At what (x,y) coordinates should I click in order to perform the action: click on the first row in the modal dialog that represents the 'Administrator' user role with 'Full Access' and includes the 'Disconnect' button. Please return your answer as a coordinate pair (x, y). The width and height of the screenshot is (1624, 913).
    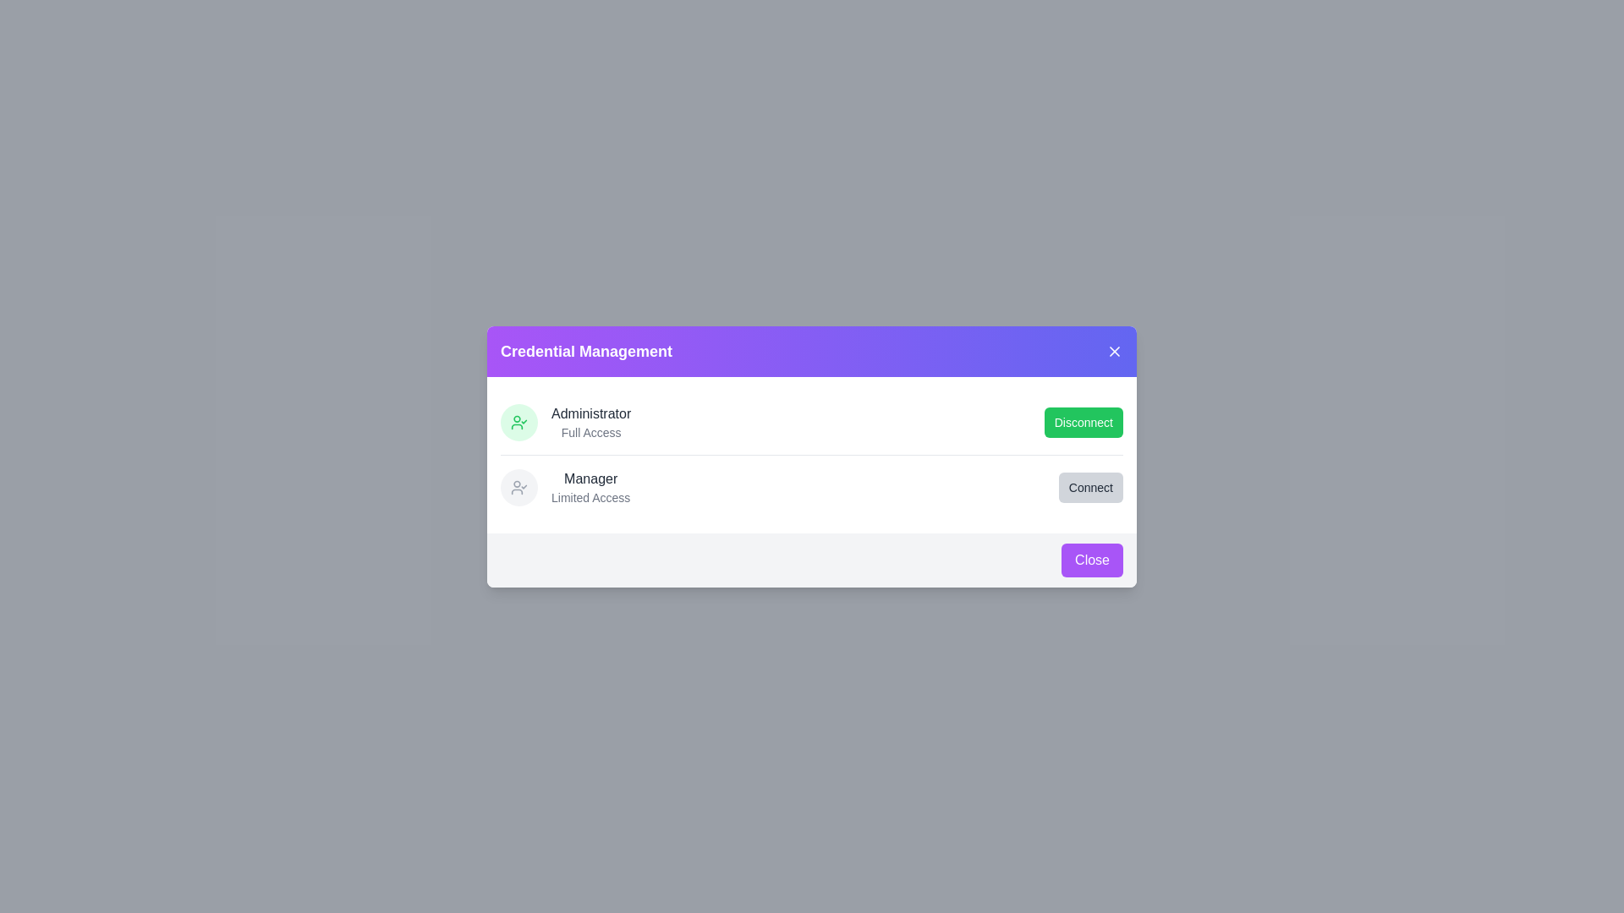
    Looking at the image, I should click on (812, 420).